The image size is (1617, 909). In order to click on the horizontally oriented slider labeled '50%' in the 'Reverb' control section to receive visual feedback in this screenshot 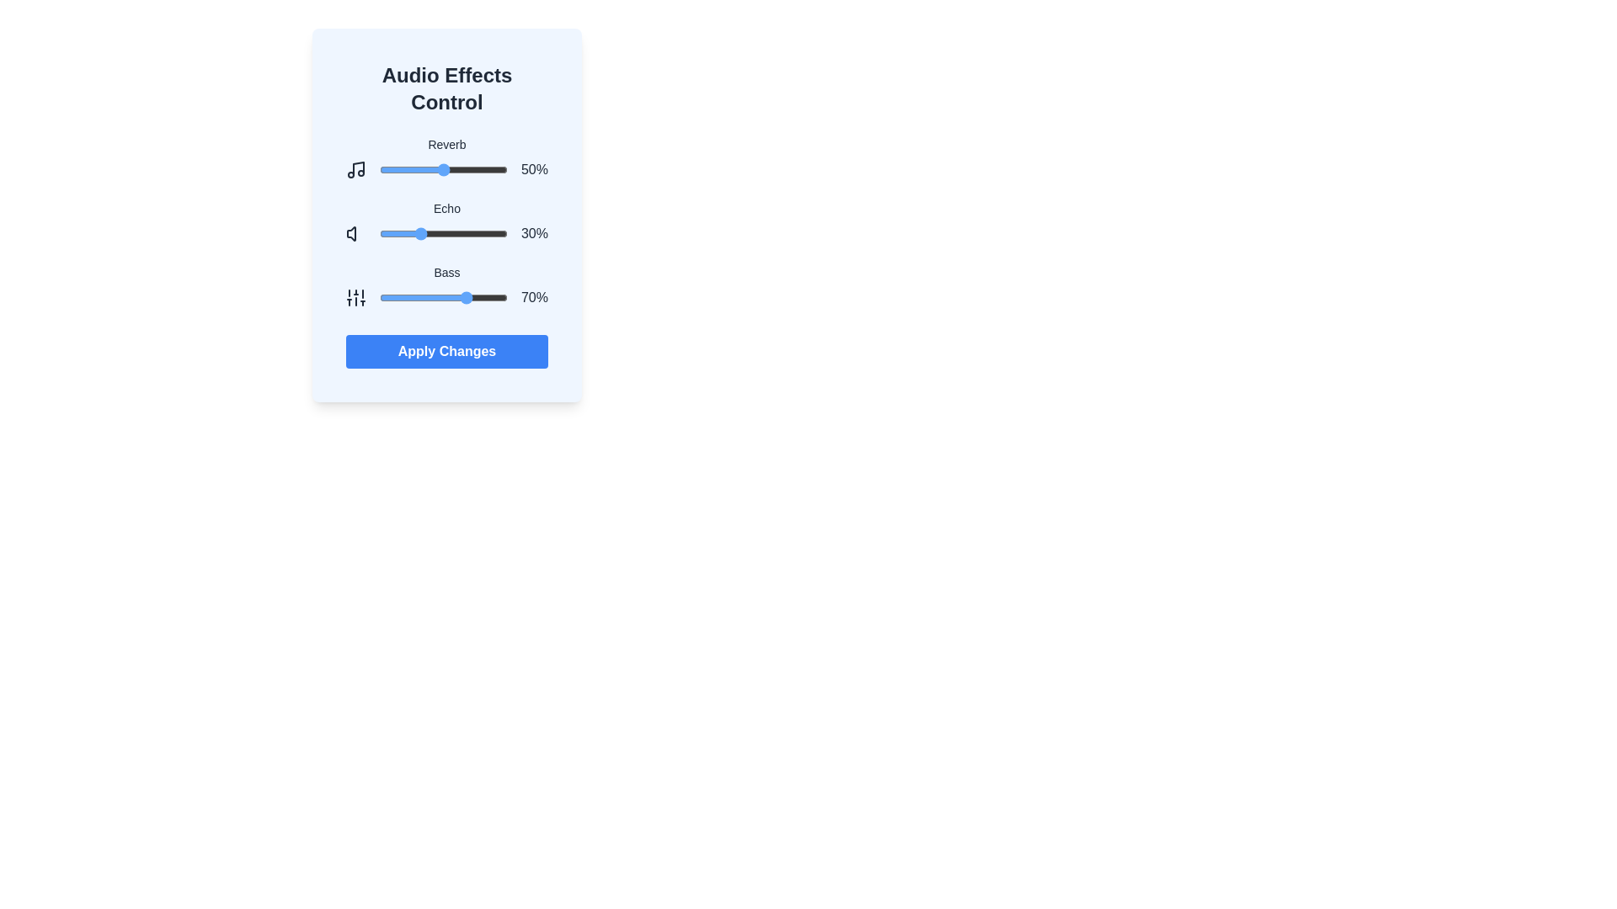, I will do `click(447, 169)`.